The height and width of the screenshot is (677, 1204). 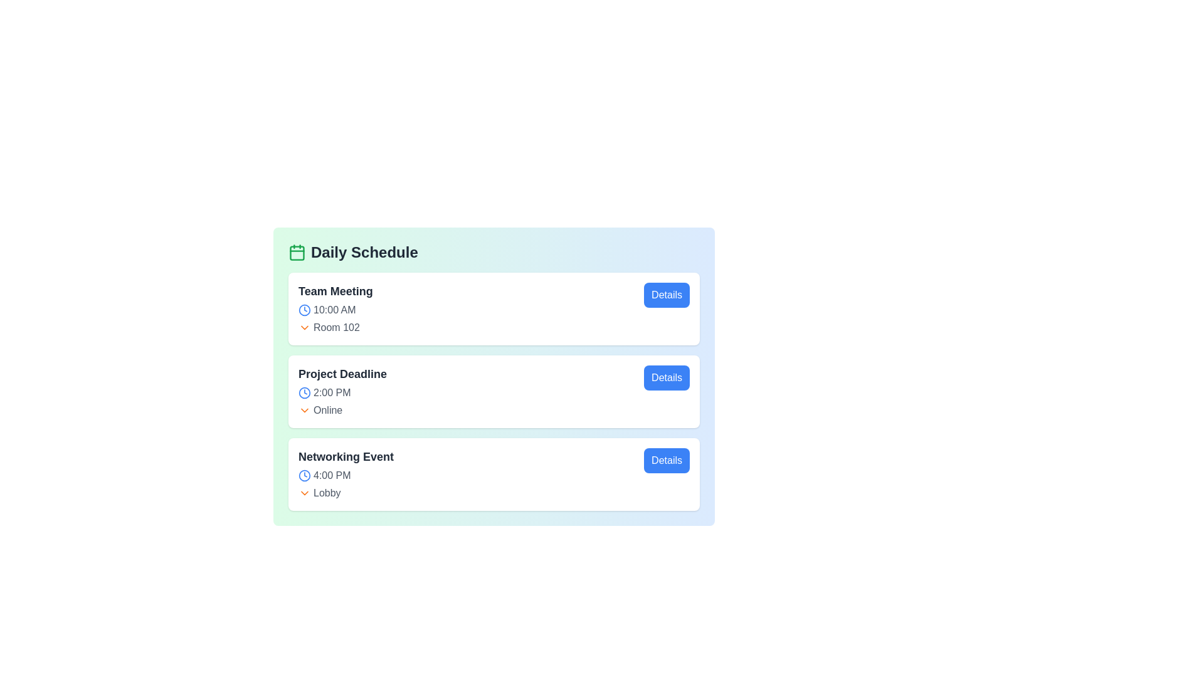 I want to click on the Text Label that displays the scheduled time for the 'Team Meeting' event in the 'Daily Schedule' interface, located to the right of the clock icon, so click(x=334, y=310).